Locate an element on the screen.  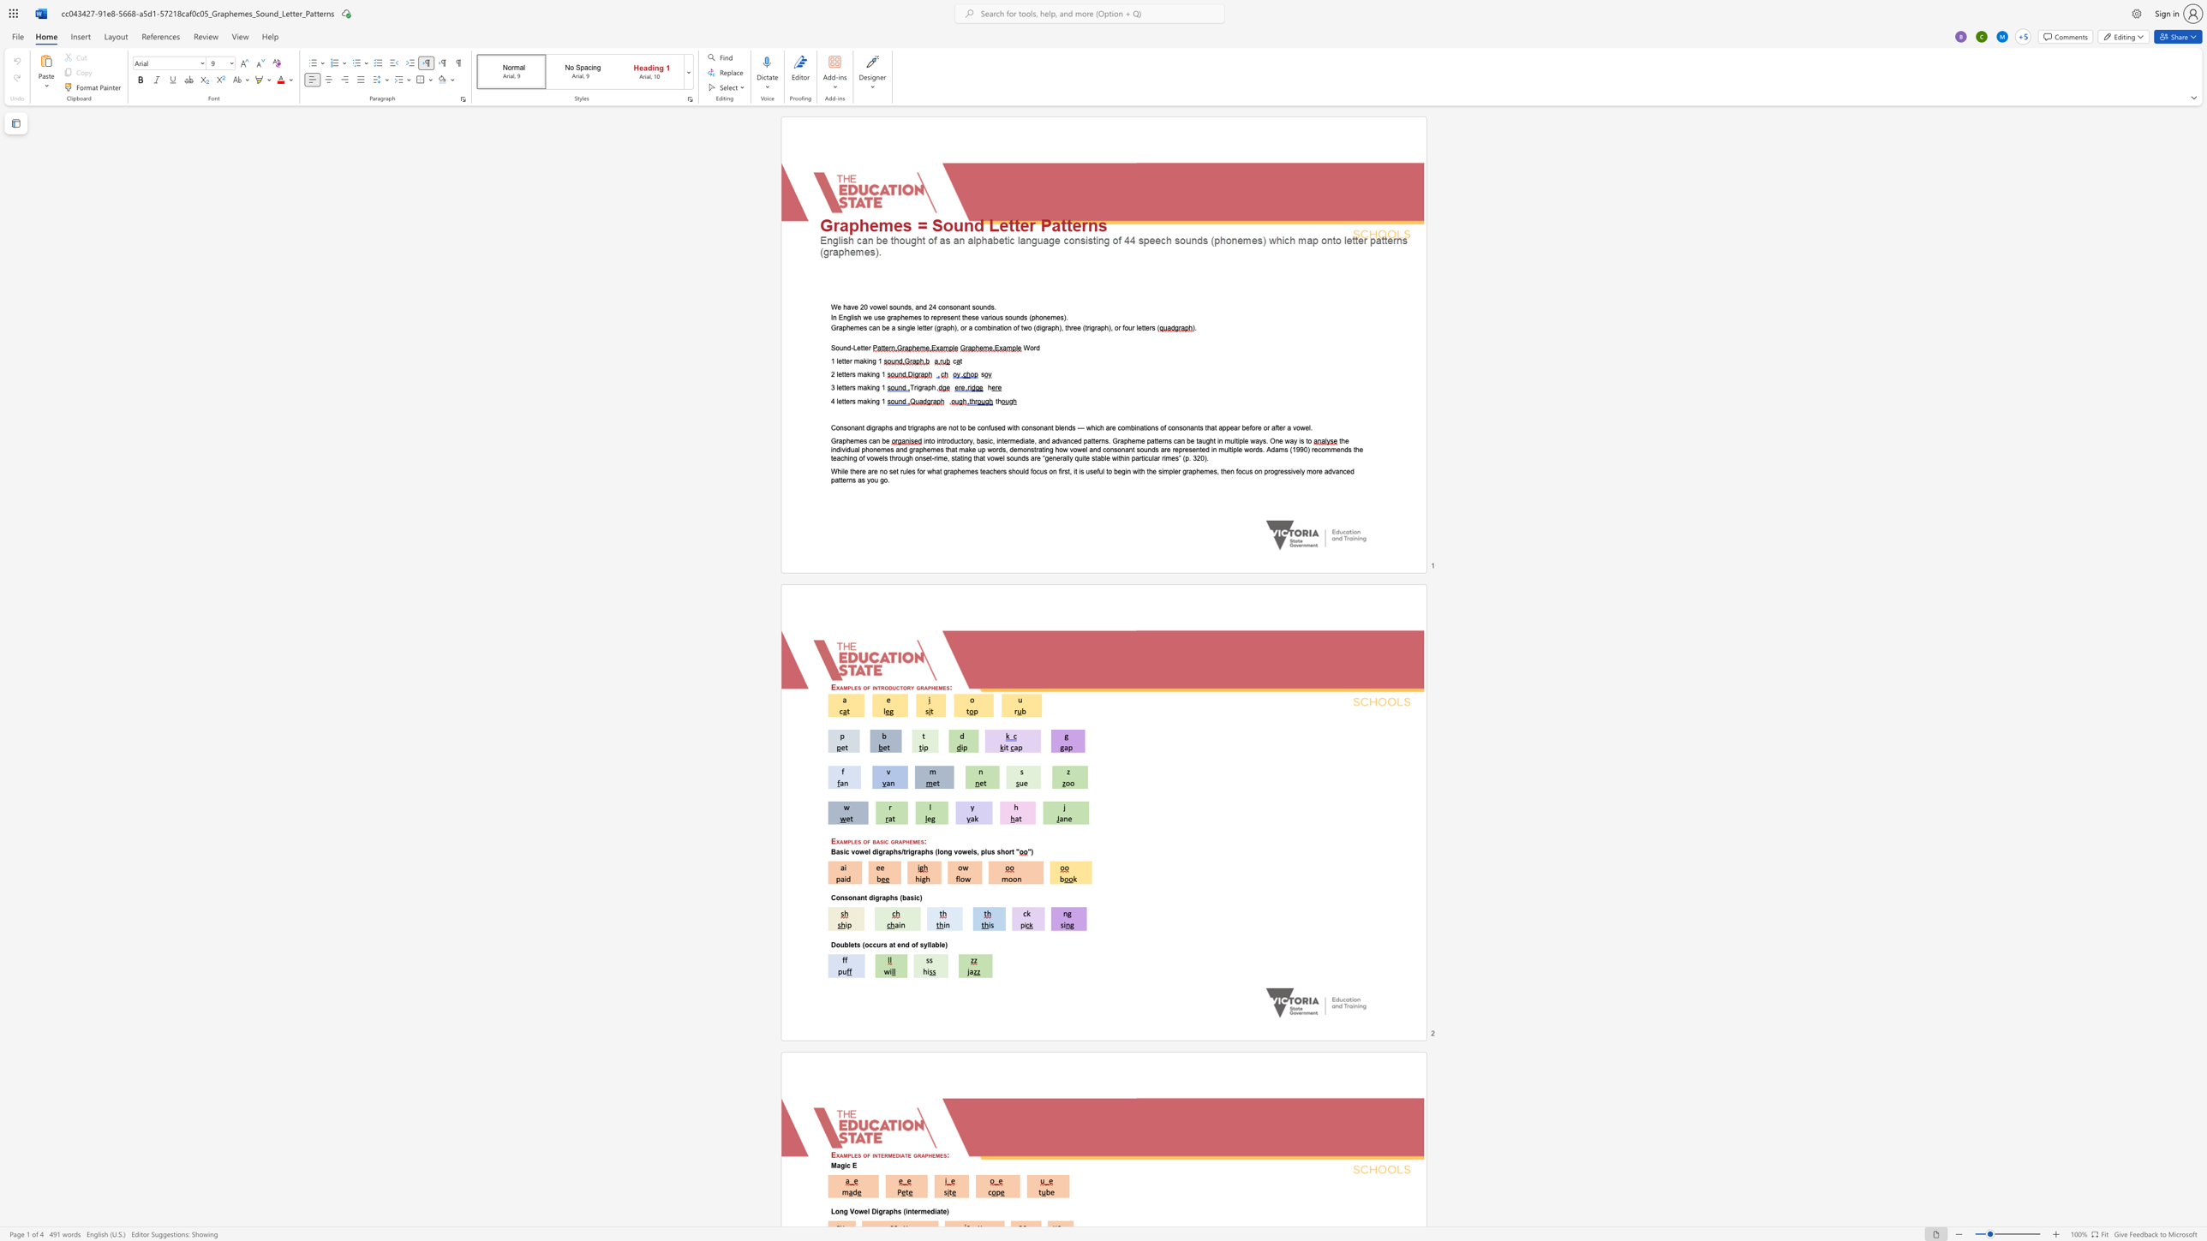
the 1th character "l" in the text is located at coordinates (837, 374).